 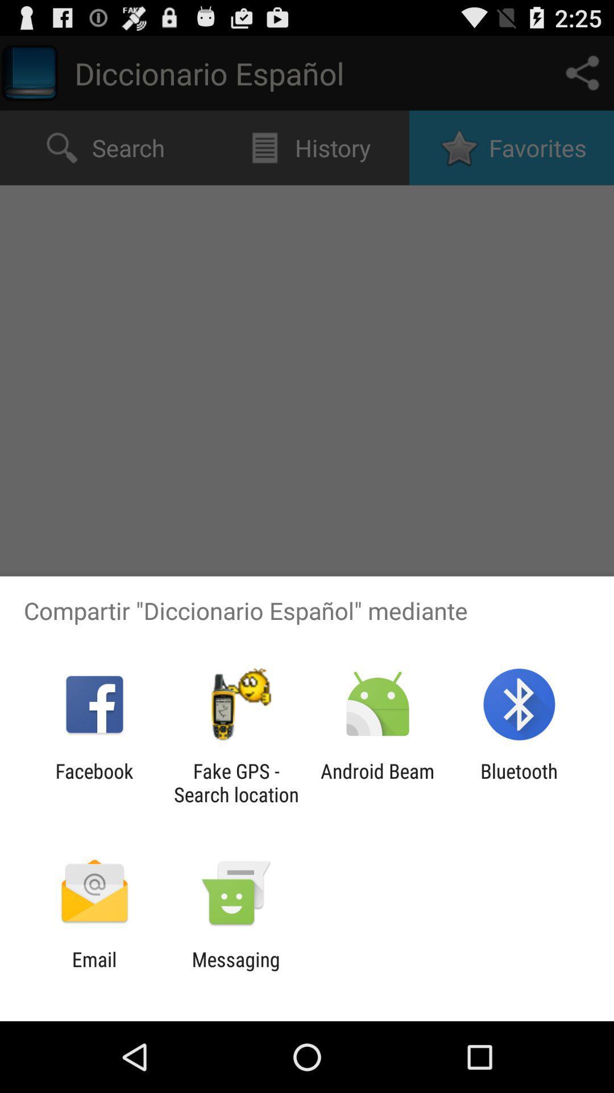 What do you see at coordinates (235, 971) in the screenshot?
I see `the item next to email icon` at bounding box center [235, 971].